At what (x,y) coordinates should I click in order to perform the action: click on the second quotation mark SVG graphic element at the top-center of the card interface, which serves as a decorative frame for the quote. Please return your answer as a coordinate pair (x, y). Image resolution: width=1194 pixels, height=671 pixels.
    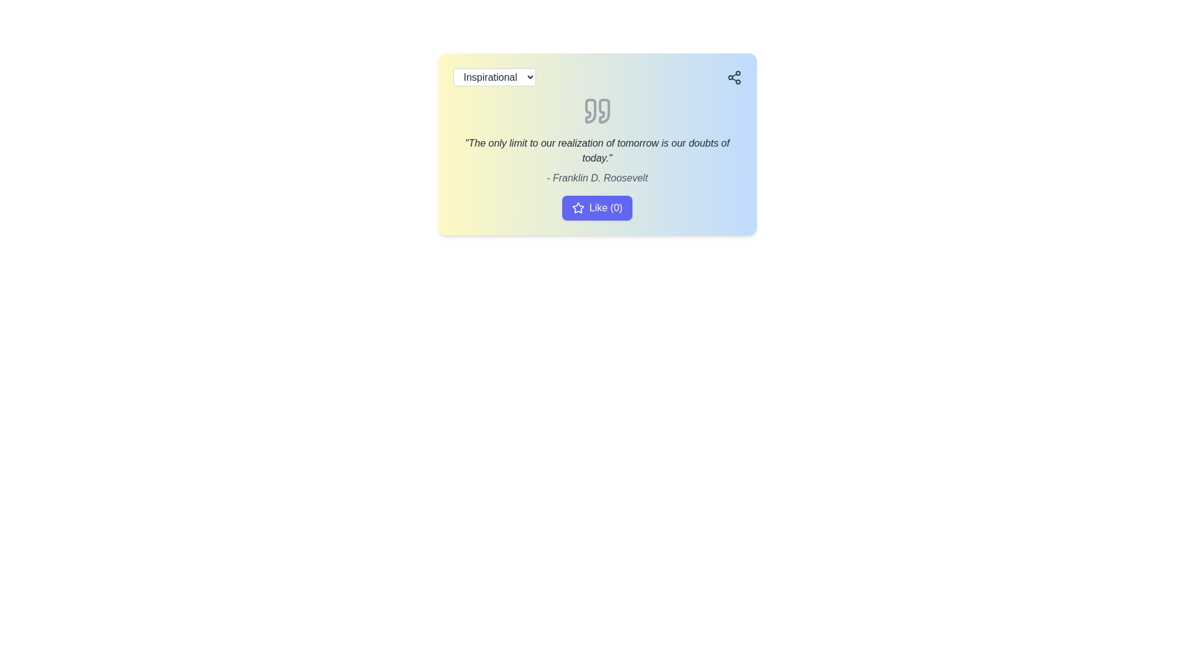
    Looking at the image, I should click on (604, 110).